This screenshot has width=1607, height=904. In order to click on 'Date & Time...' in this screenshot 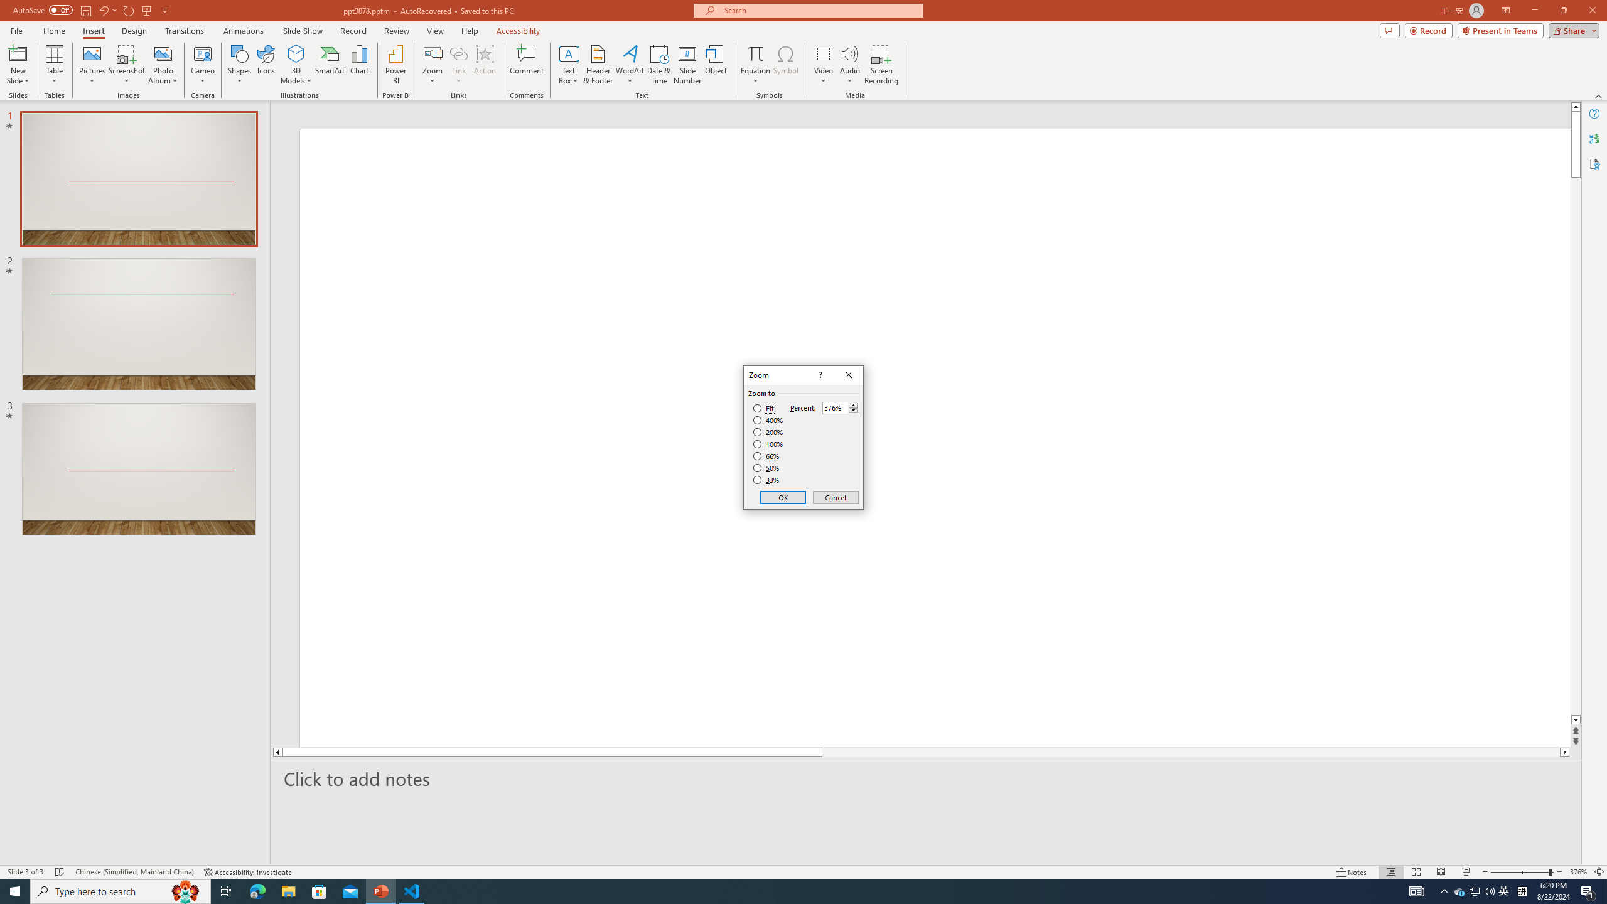, I will do `click(658, 65)`.